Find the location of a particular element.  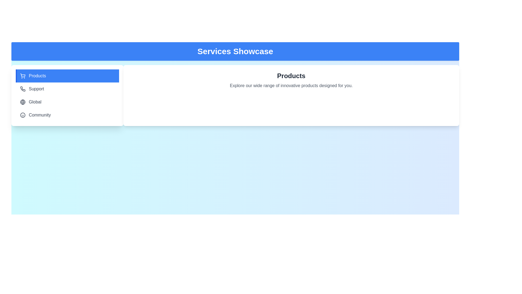

the tab labeled Community by clicking on its corresponding navigation item is located at coordinates (67, 115).